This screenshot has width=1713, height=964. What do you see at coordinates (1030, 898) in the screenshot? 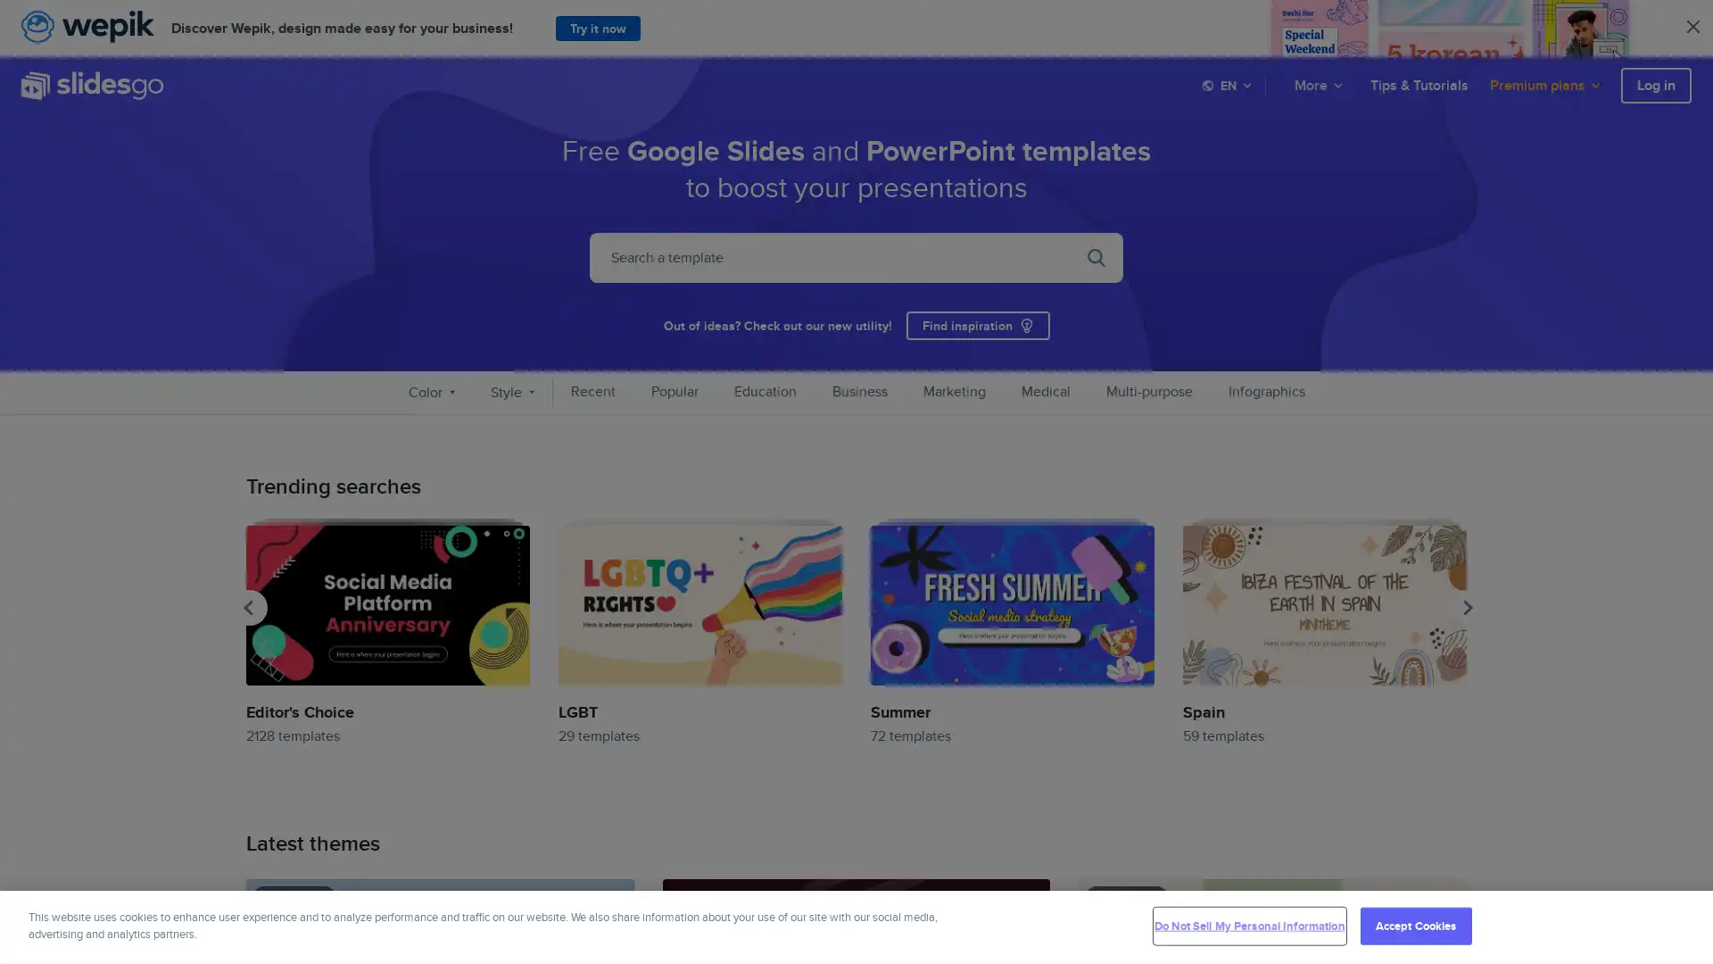
I see `Favorite button` at bounding box center [1030, 898].